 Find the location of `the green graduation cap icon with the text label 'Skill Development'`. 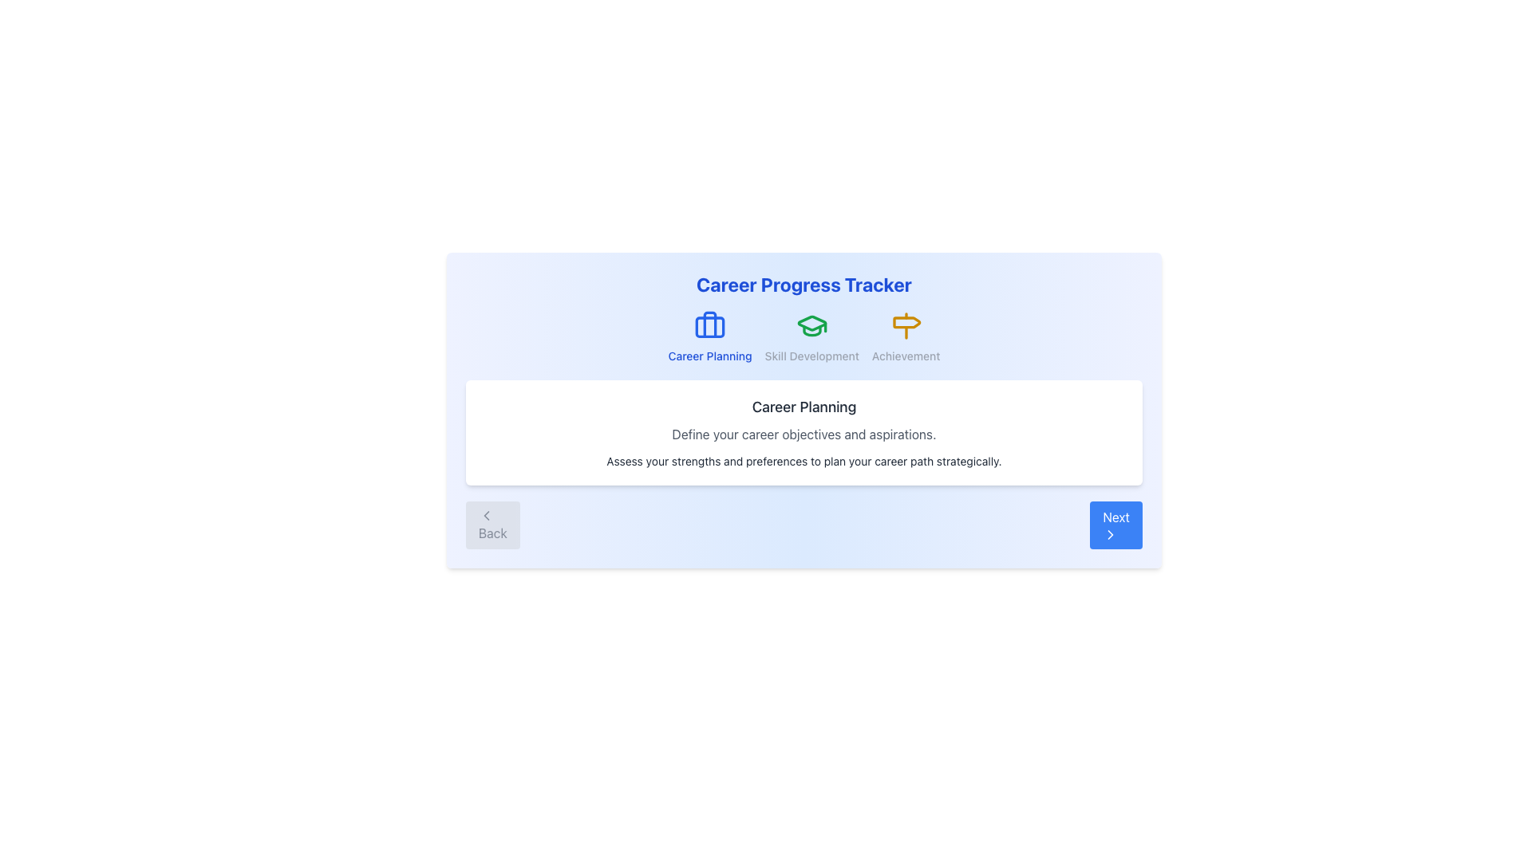

the green graduation cap icon with the text label 'Skill Development' is located at coordinates (811, 336).